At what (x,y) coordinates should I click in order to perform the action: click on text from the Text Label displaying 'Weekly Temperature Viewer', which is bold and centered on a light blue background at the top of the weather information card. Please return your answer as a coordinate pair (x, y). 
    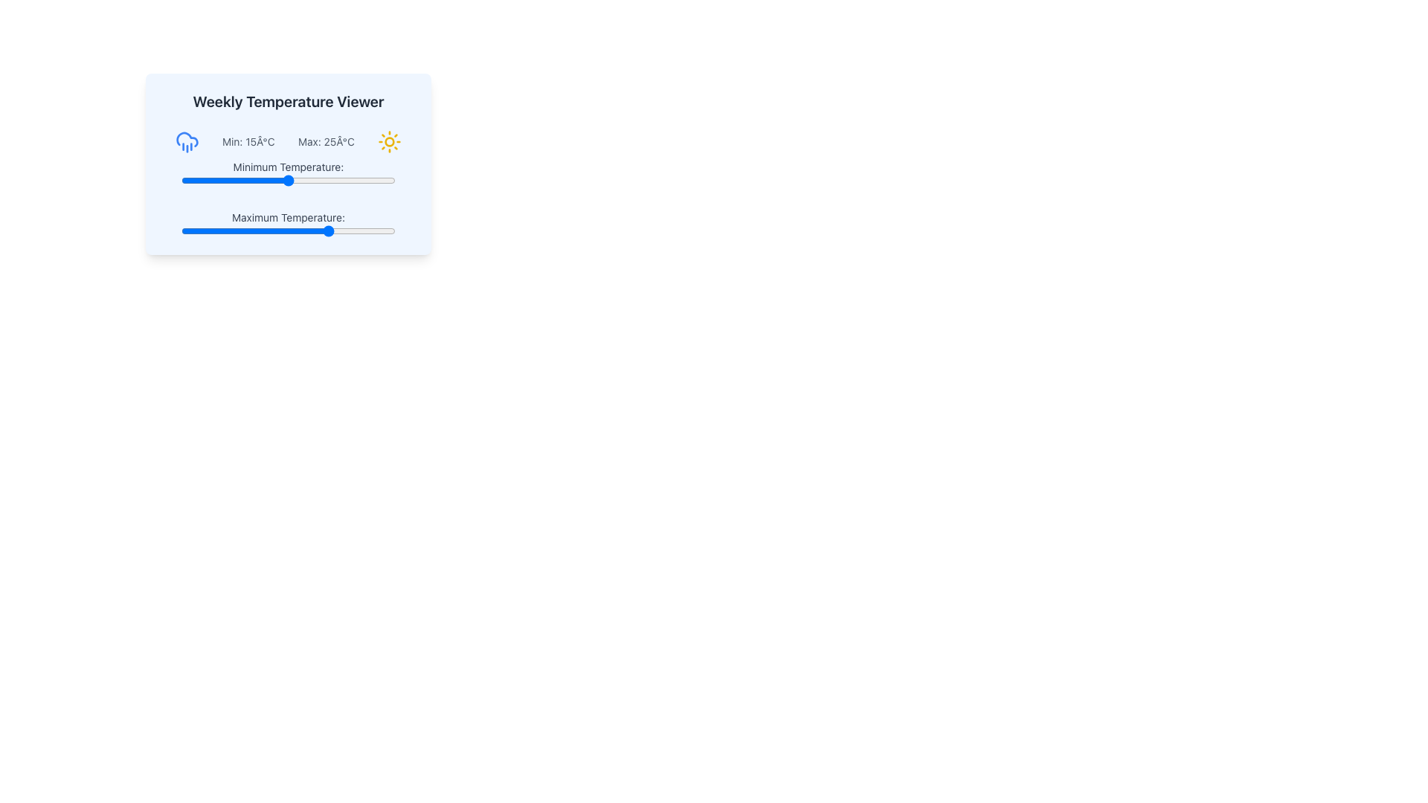
    Looking at the image, I should click on (289, 101).